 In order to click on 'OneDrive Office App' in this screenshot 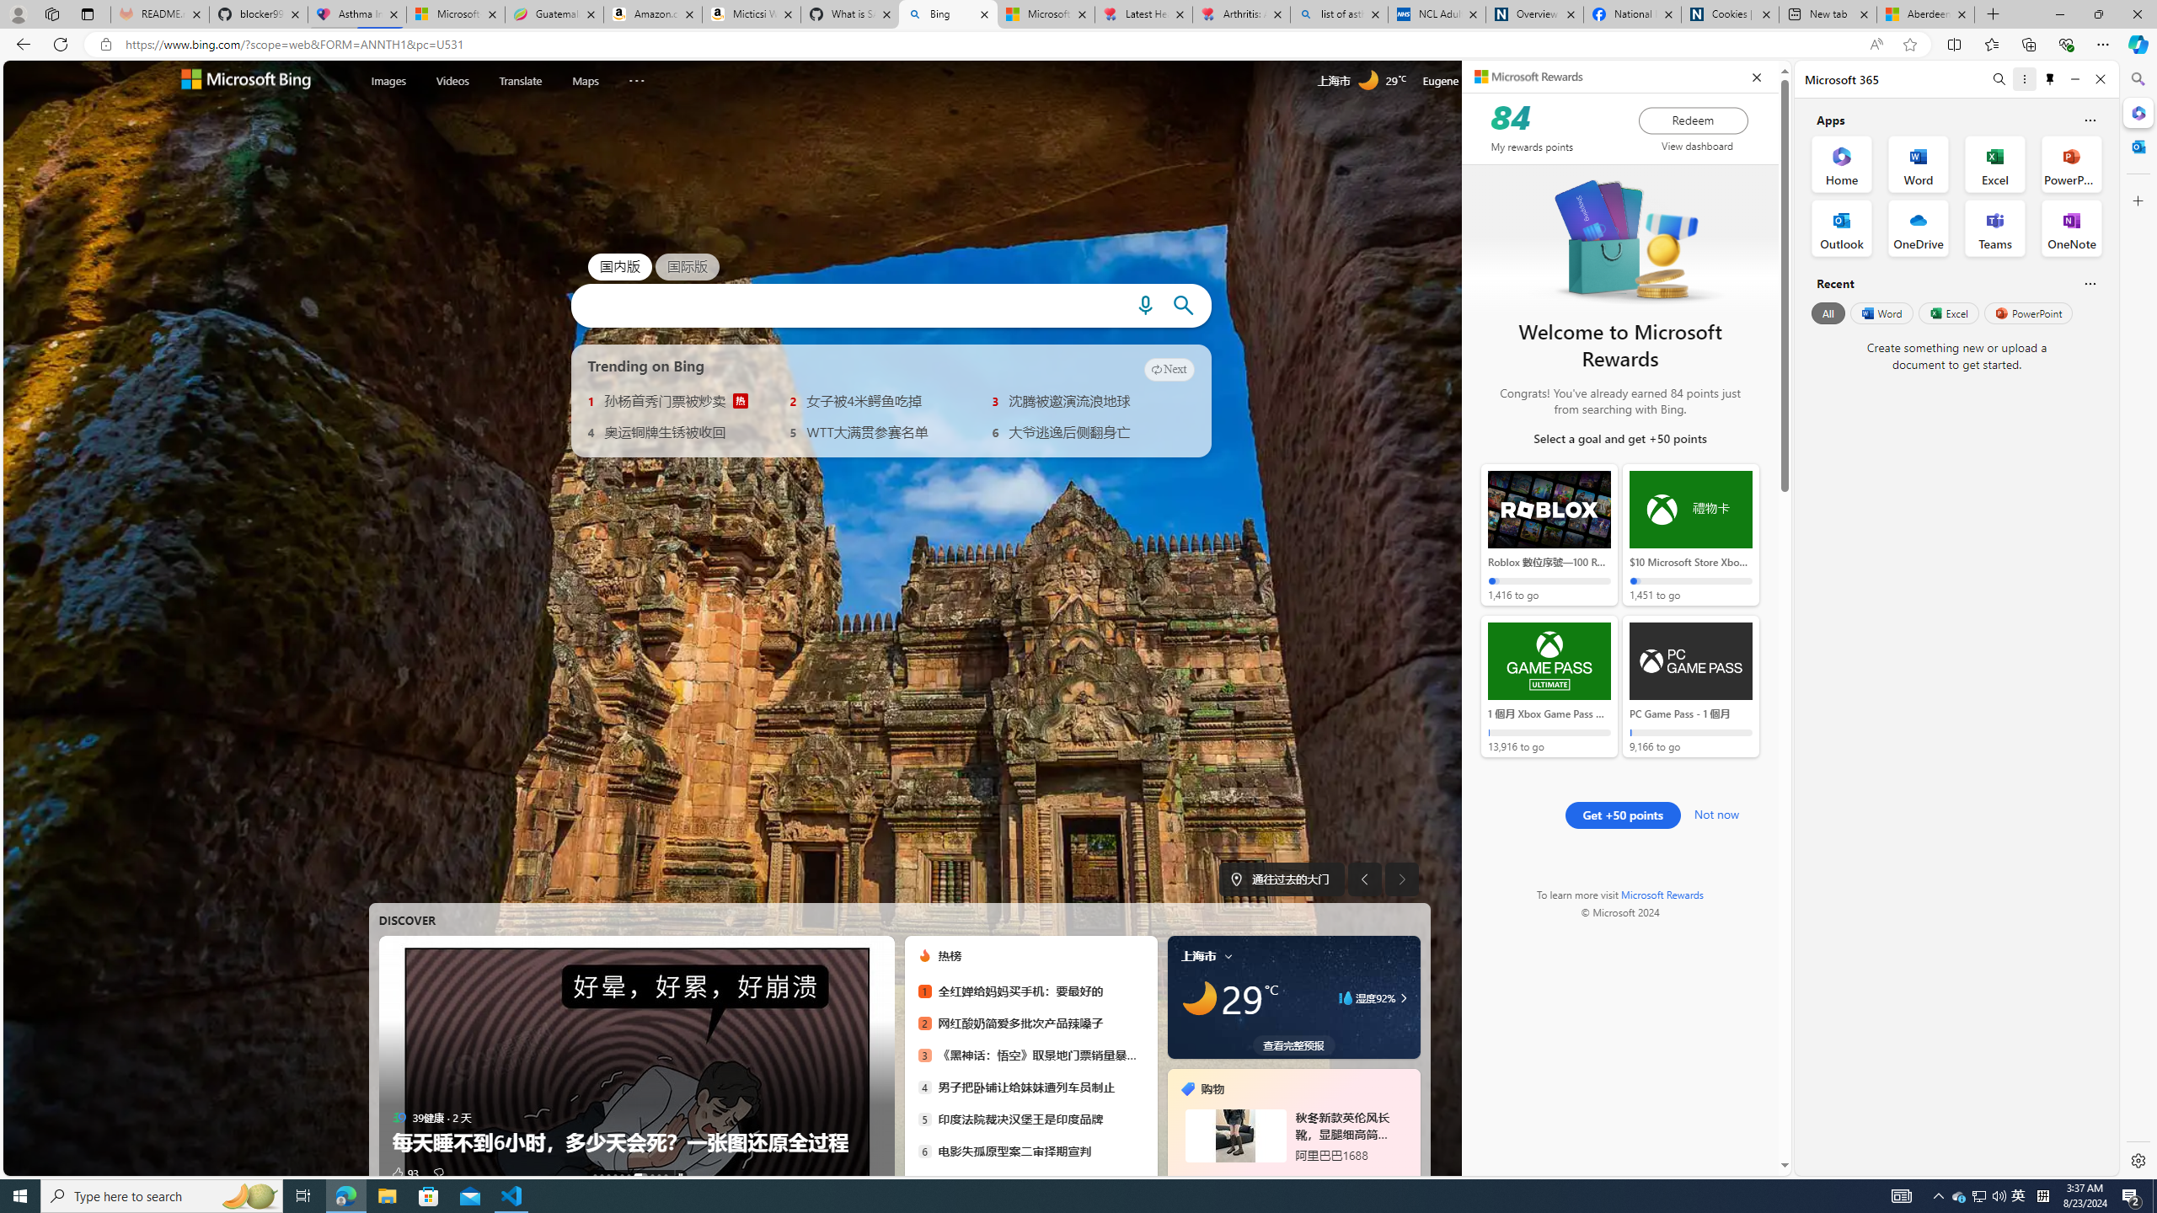, I will do `click(1918, 228)`.